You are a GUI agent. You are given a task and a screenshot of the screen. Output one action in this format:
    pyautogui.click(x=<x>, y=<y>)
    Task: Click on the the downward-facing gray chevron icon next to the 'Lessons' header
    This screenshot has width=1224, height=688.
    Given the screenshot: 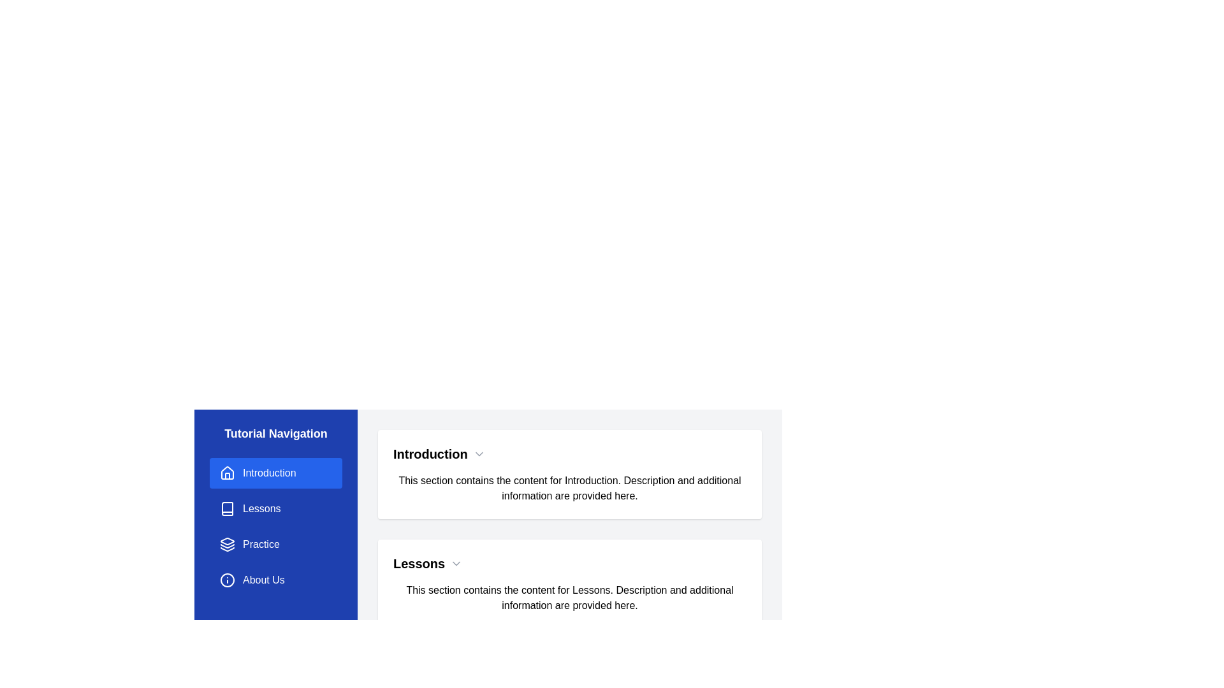 What is the action you would take?
    pyautogui.click(x=456, y=563)
    